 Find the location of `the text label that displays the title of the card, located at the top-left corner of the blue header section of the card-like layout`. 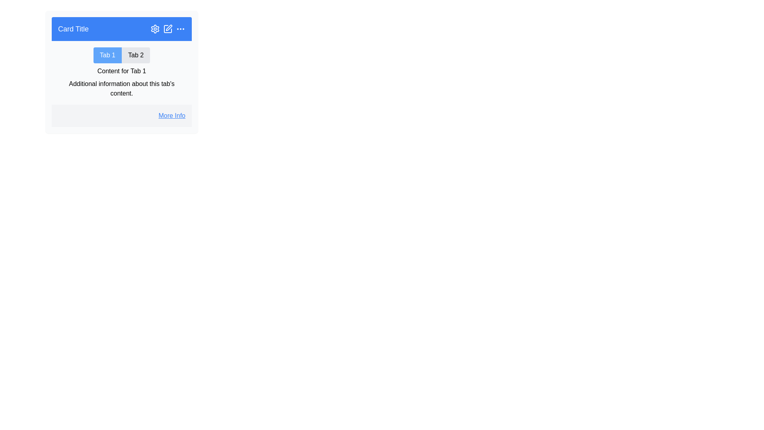

the text label that displays the title of the card, located at the top-left corner of the blue header section of the card-like layout is located at coordinates (73, 29).